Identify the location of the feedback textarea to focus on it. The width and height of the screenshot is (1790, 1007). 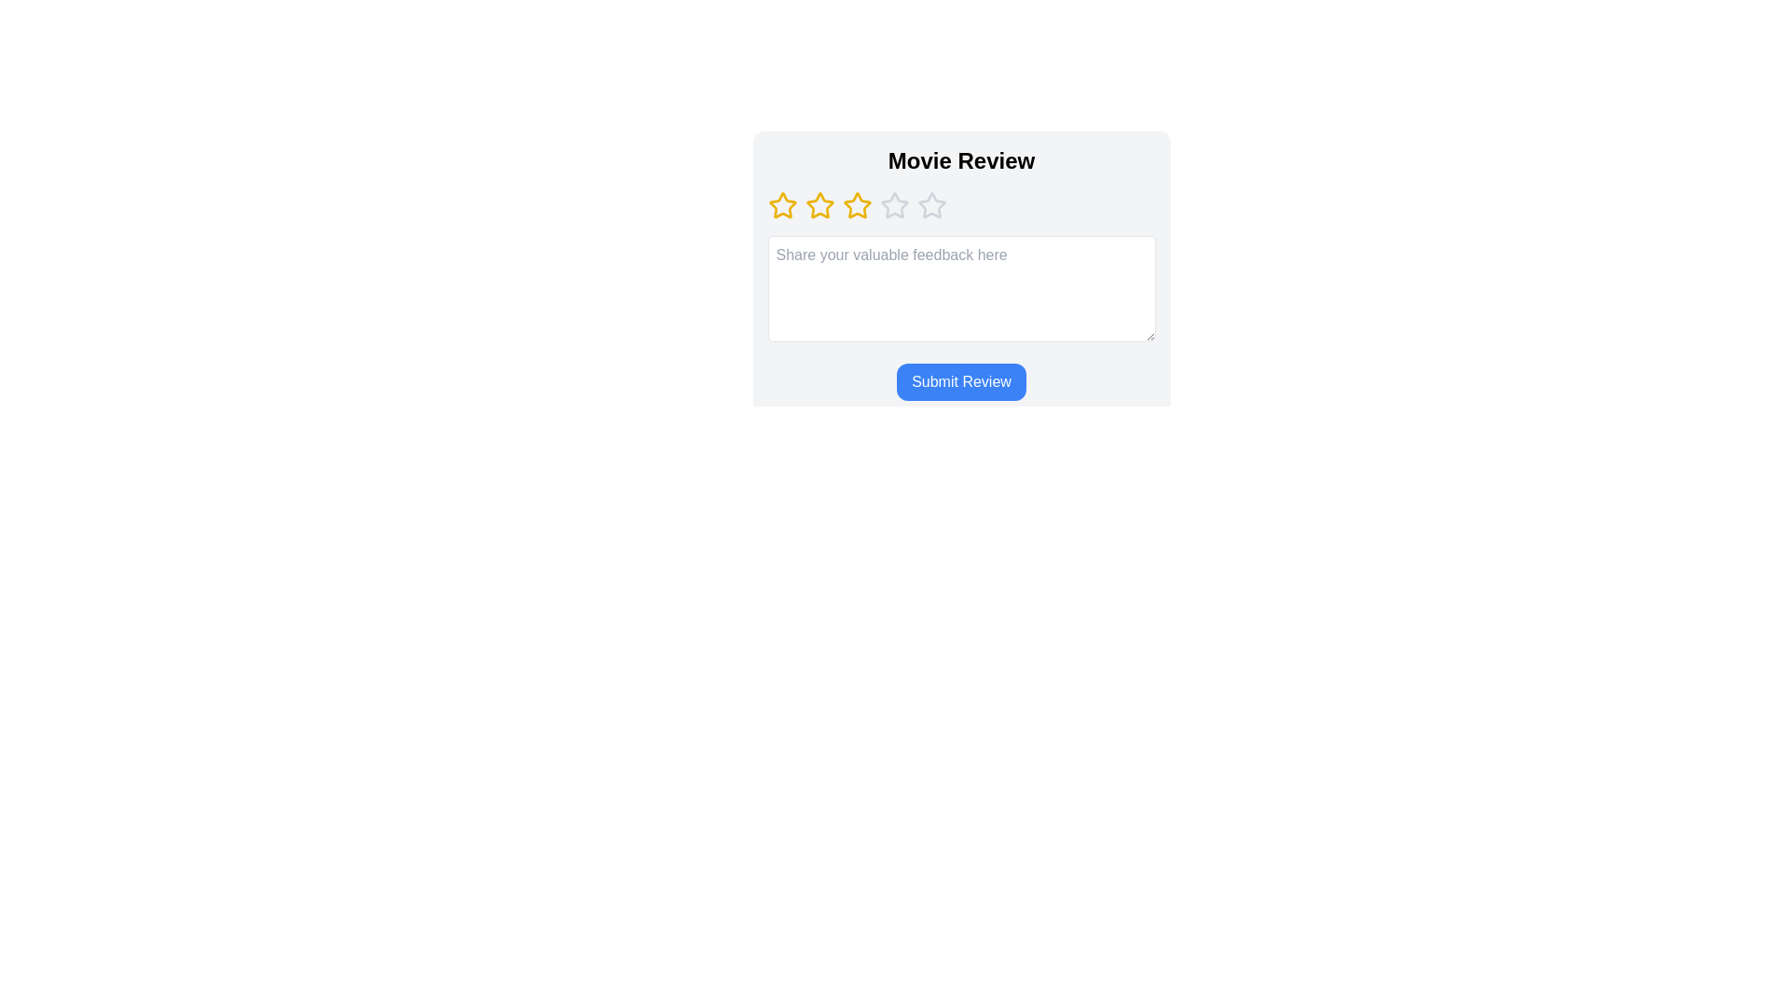
(961, 288).